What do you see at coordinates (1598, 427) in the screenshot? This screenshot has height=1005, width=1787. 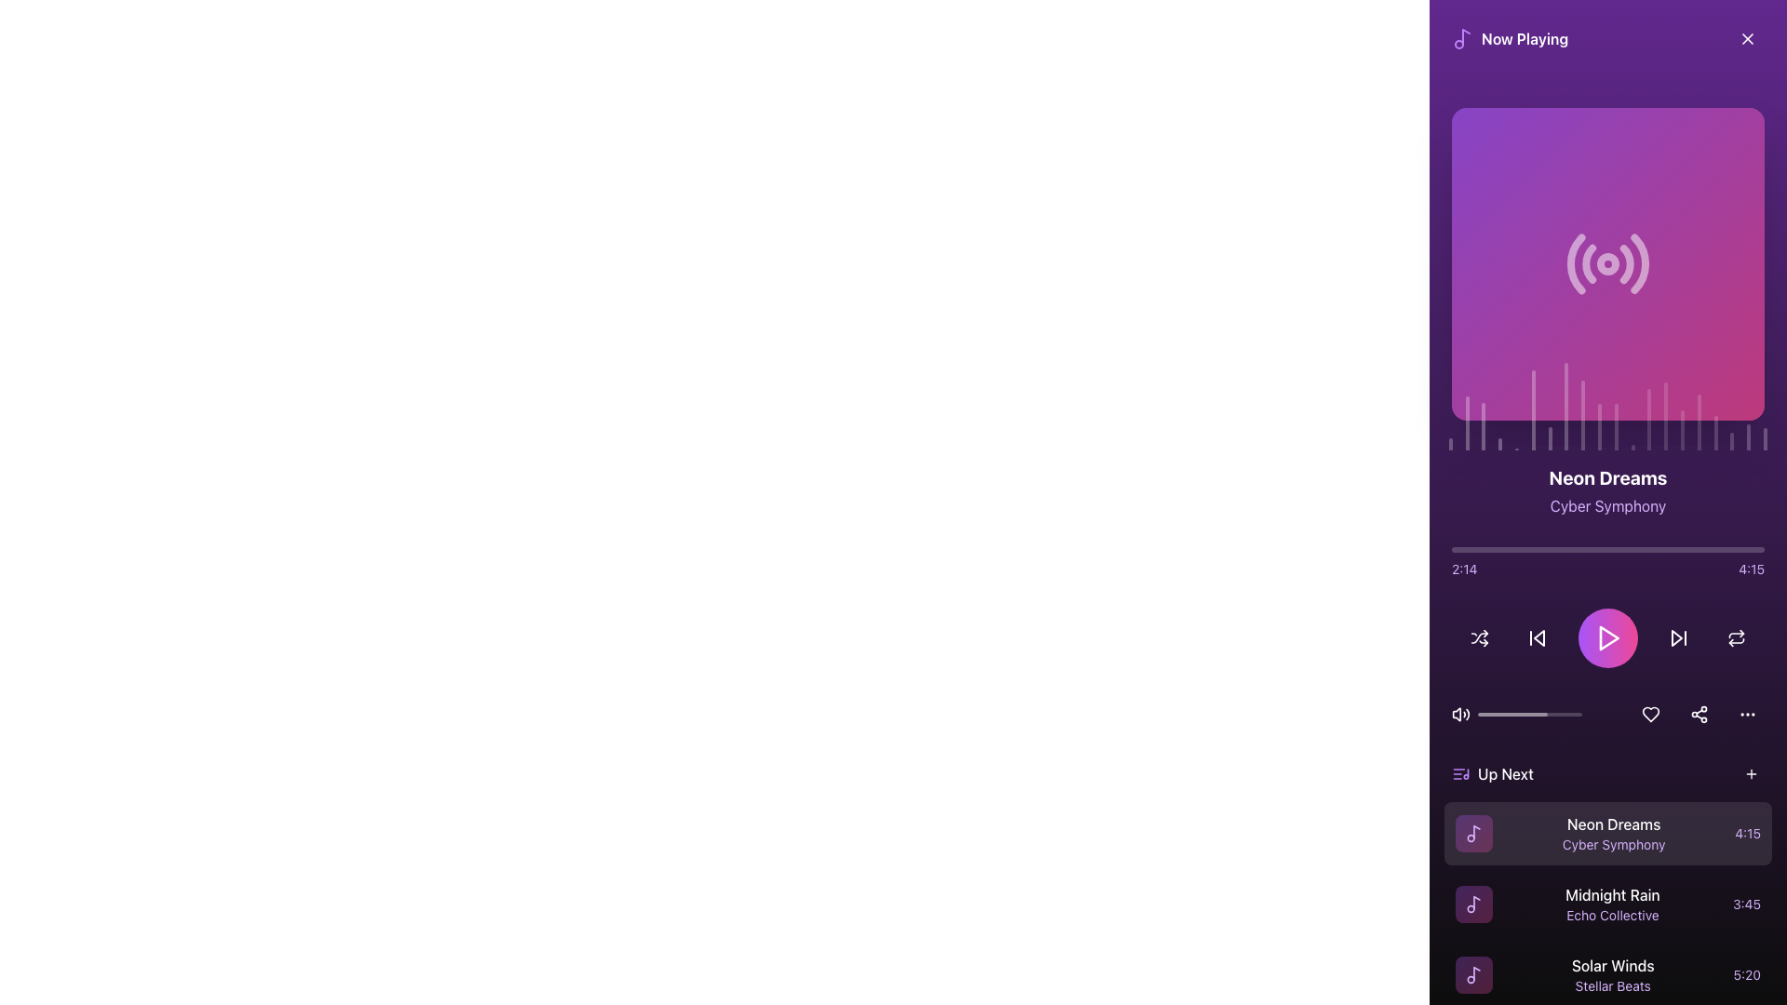 I see `the 10th vertical visual indicator bar from the left, which has a light white overlay and rounded edges, positioned within a horizontal series of similar bars` at bounding box center [1598, 427].